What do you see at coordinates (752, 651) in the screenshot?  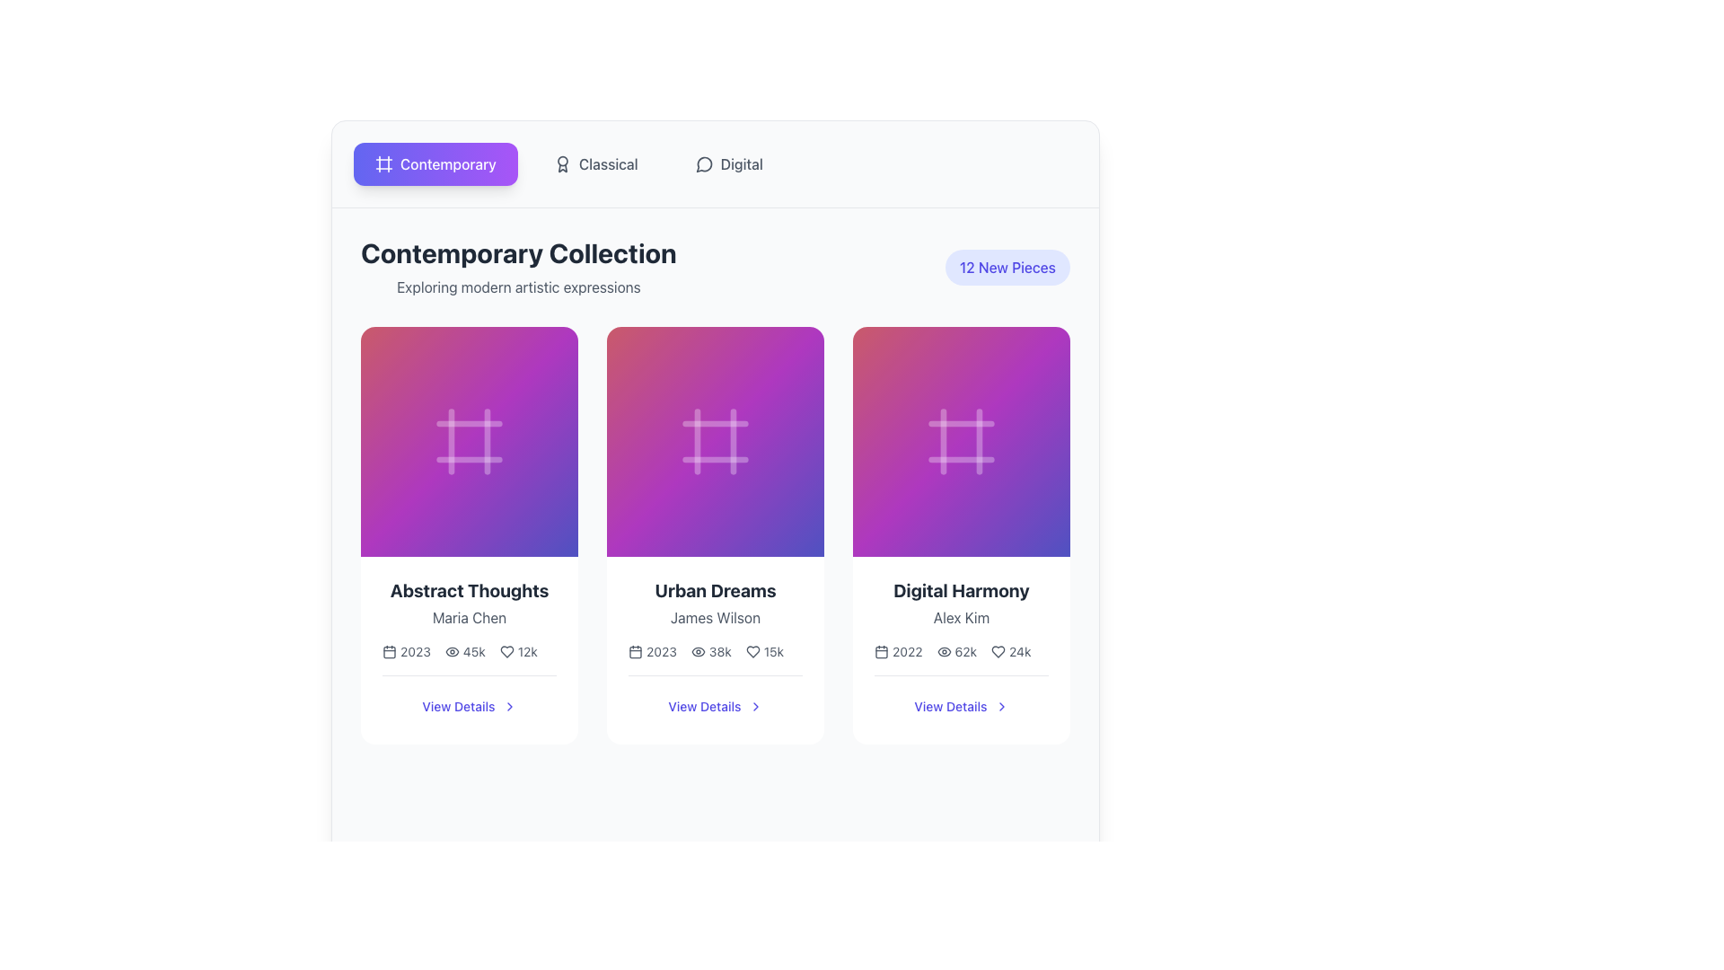 I see `the heart icon representing the 'like' feature located in the lower section of the 'Urban Dreams' card, which also displays the count of likes (15k)` at bounding box center [752, 651].